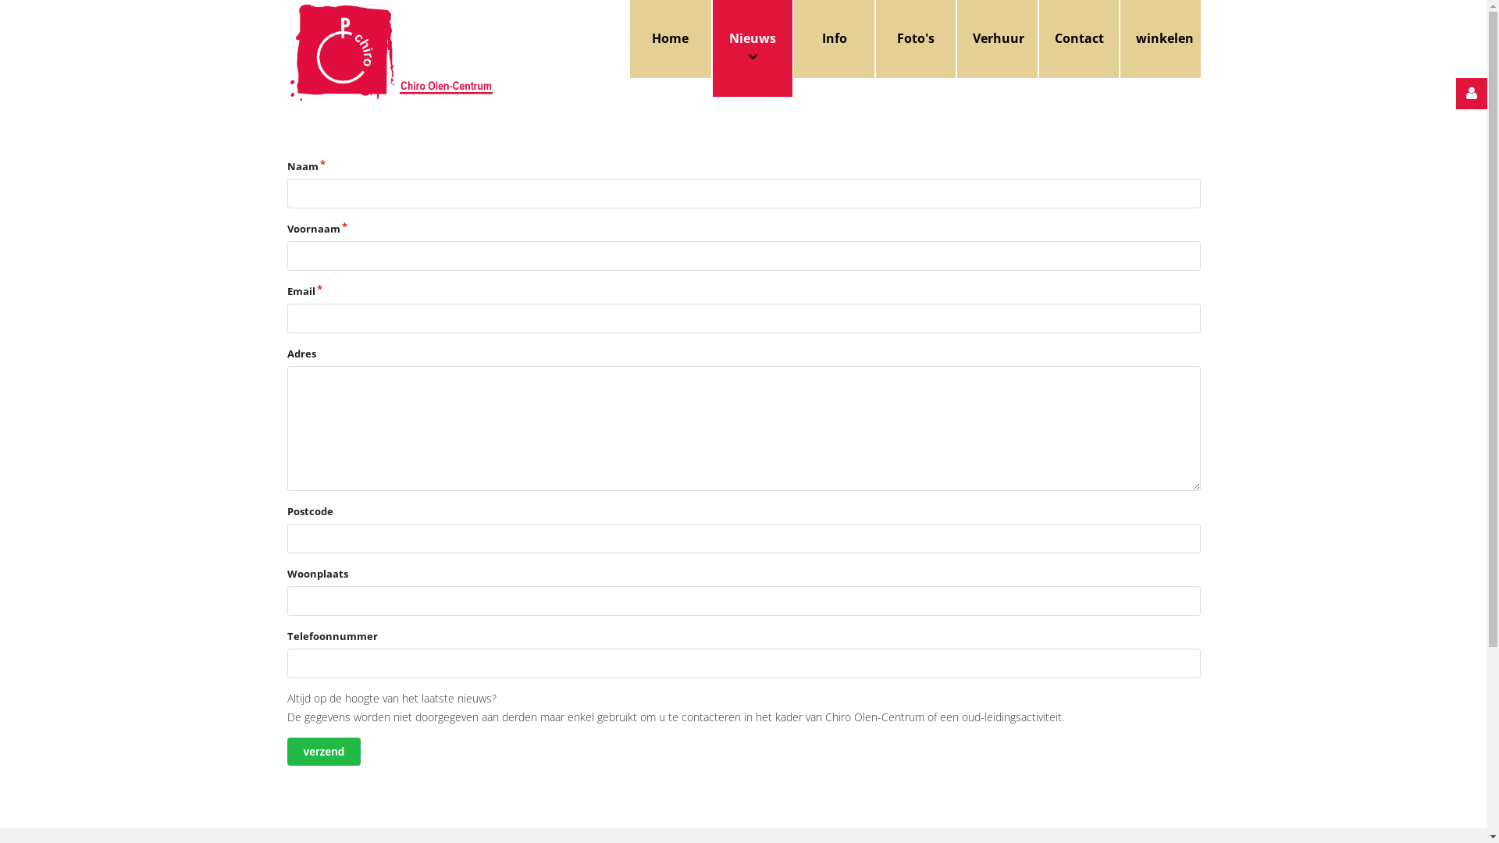 Image resolution: width=1499 pixels, height=843 pixels. Describe the element at coordinates (323, 751) in the screenshot. I see `'verzend'` at that location.